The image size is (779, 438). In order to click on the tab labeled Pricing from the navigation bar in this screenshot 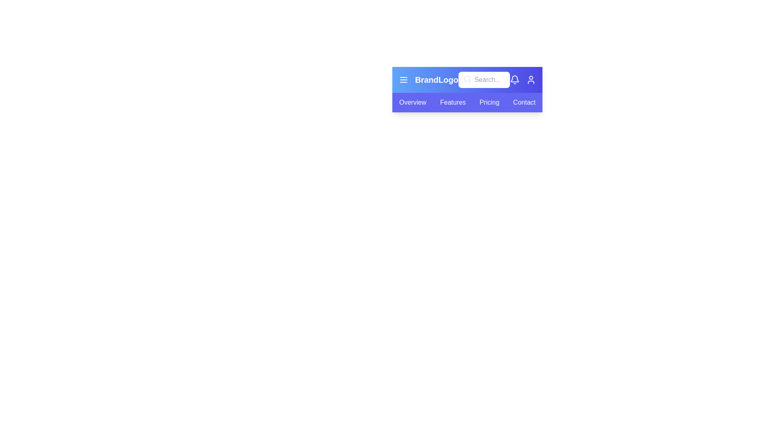, I will do `click(489, 102)`.